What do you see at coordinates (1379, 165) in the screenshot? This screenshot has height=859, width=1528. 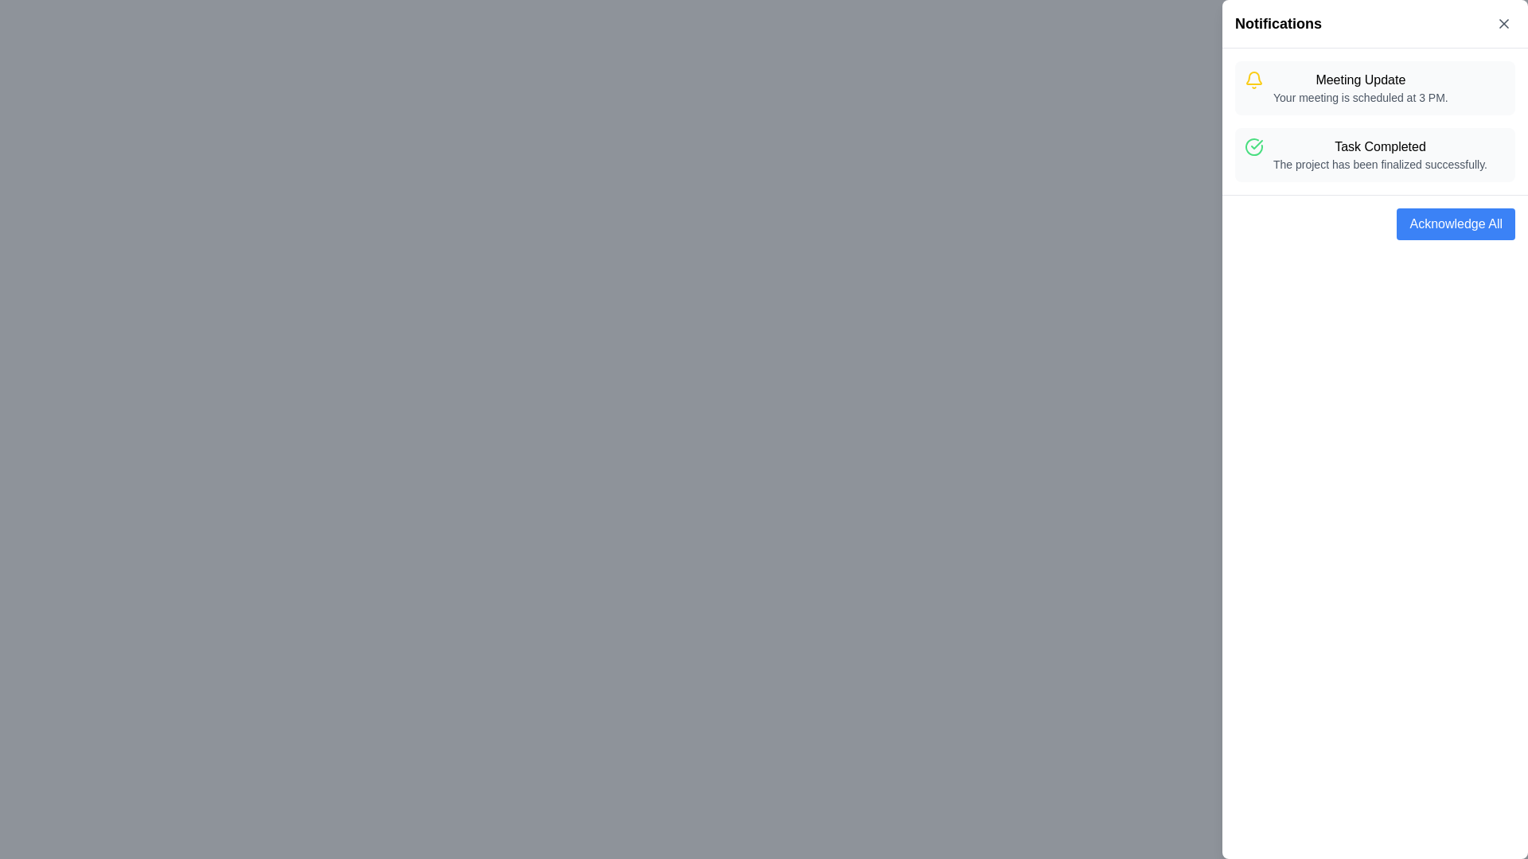 I see `the text label displaying the message 'The project has been finalized successfully' located below the 'Task Completed' title in the notifications panel` at bounding box center [1379, 165].